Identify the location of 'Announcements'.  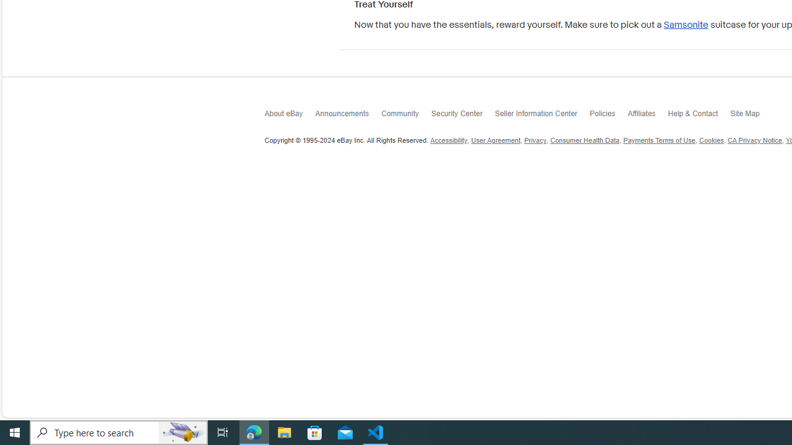
(348, 117).